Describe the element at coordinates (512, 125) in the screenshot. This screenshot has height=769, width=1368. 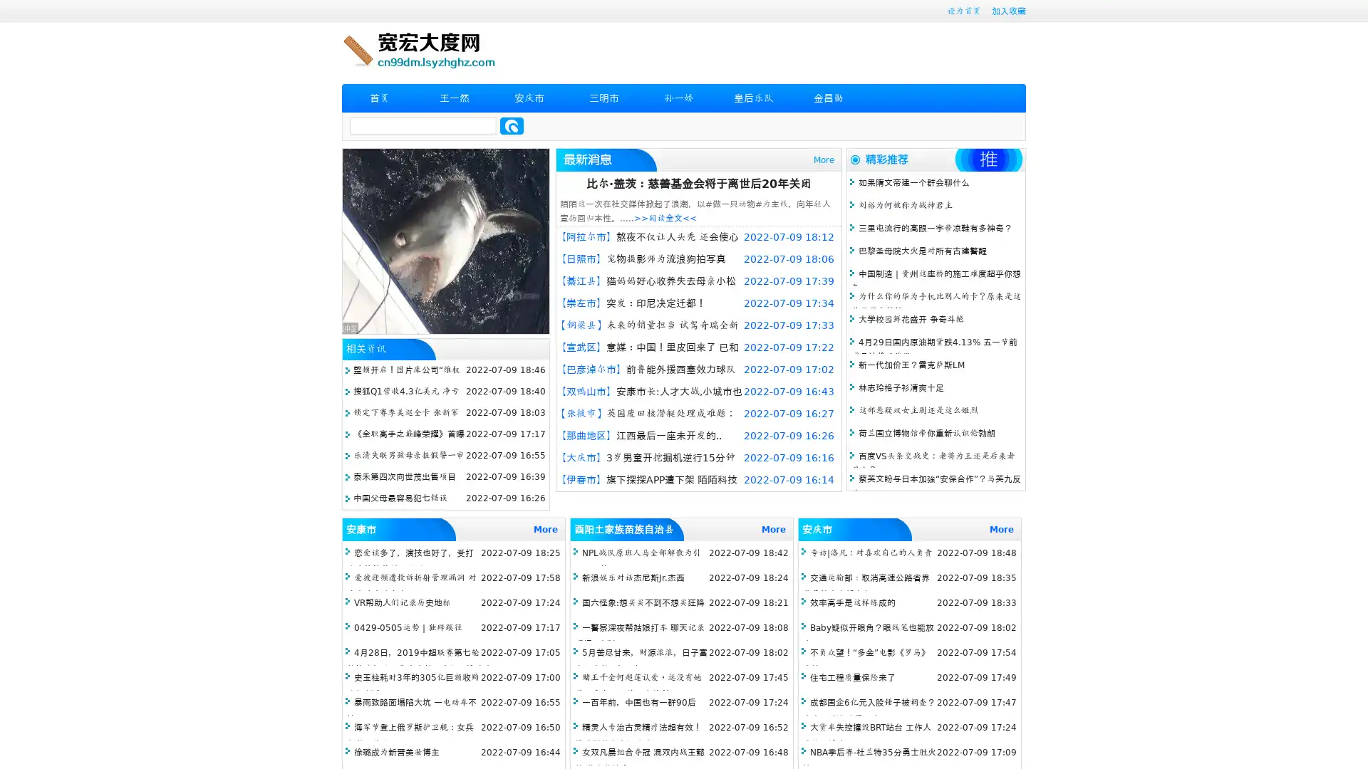
I see `Search` at that location.